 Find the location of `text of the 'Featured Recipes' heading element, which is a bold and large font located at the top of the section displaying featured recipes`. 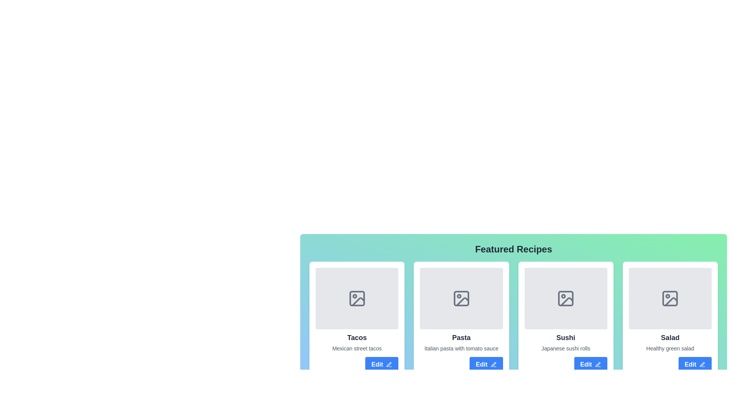

text of the 'Featured Recipes' heading element, which is a bold and large font located at the top of the section displaying featured recipes is located at coordinates (513, 249).